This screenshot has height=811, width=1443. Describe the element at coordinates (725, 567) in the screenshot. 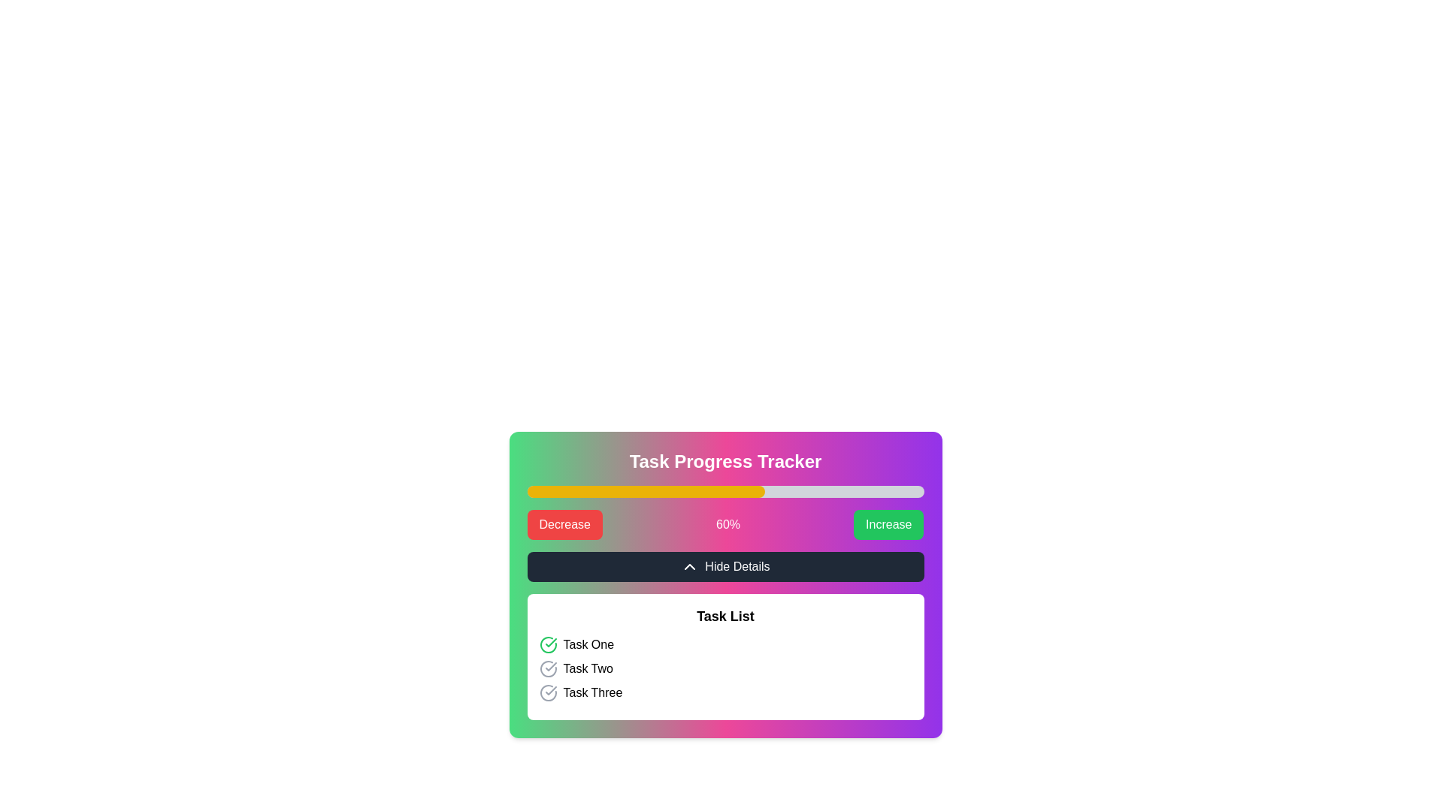

I see `the toggle button in the 'Task Progress Tracker' panel` at that location.